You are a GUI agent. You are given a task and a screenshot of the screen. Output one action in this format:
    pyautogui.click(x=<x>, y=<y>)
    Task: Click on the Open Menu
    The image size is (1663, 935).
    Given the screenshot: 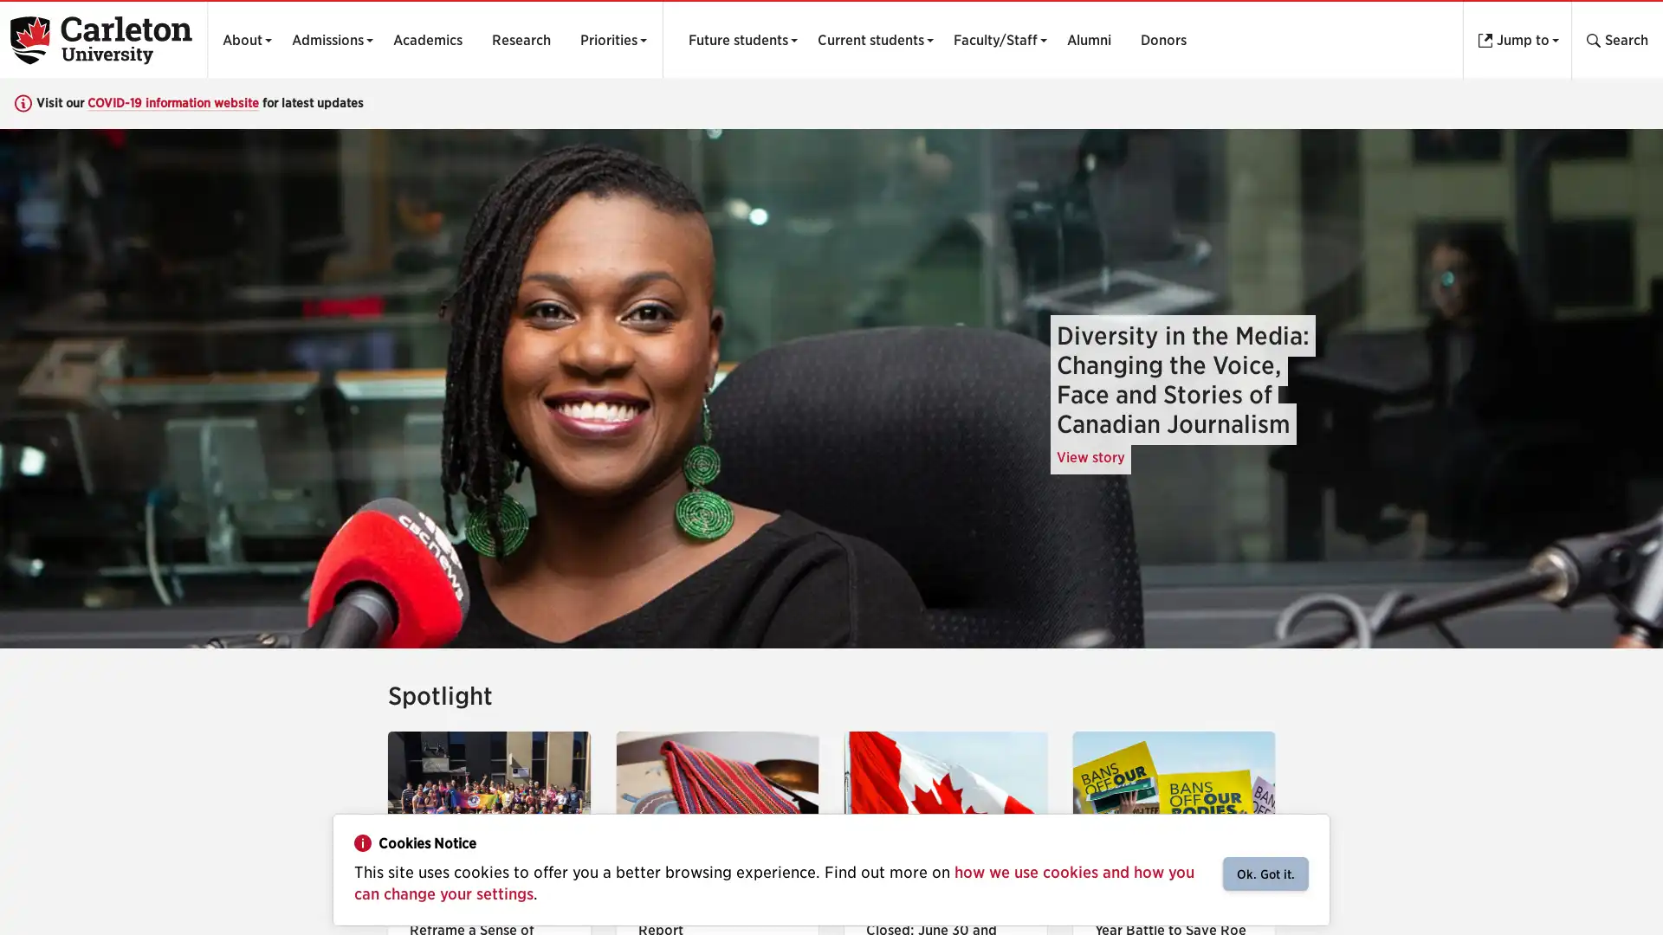 What is the action you would take?
    pyautogui.click(x=241, y=39)
    